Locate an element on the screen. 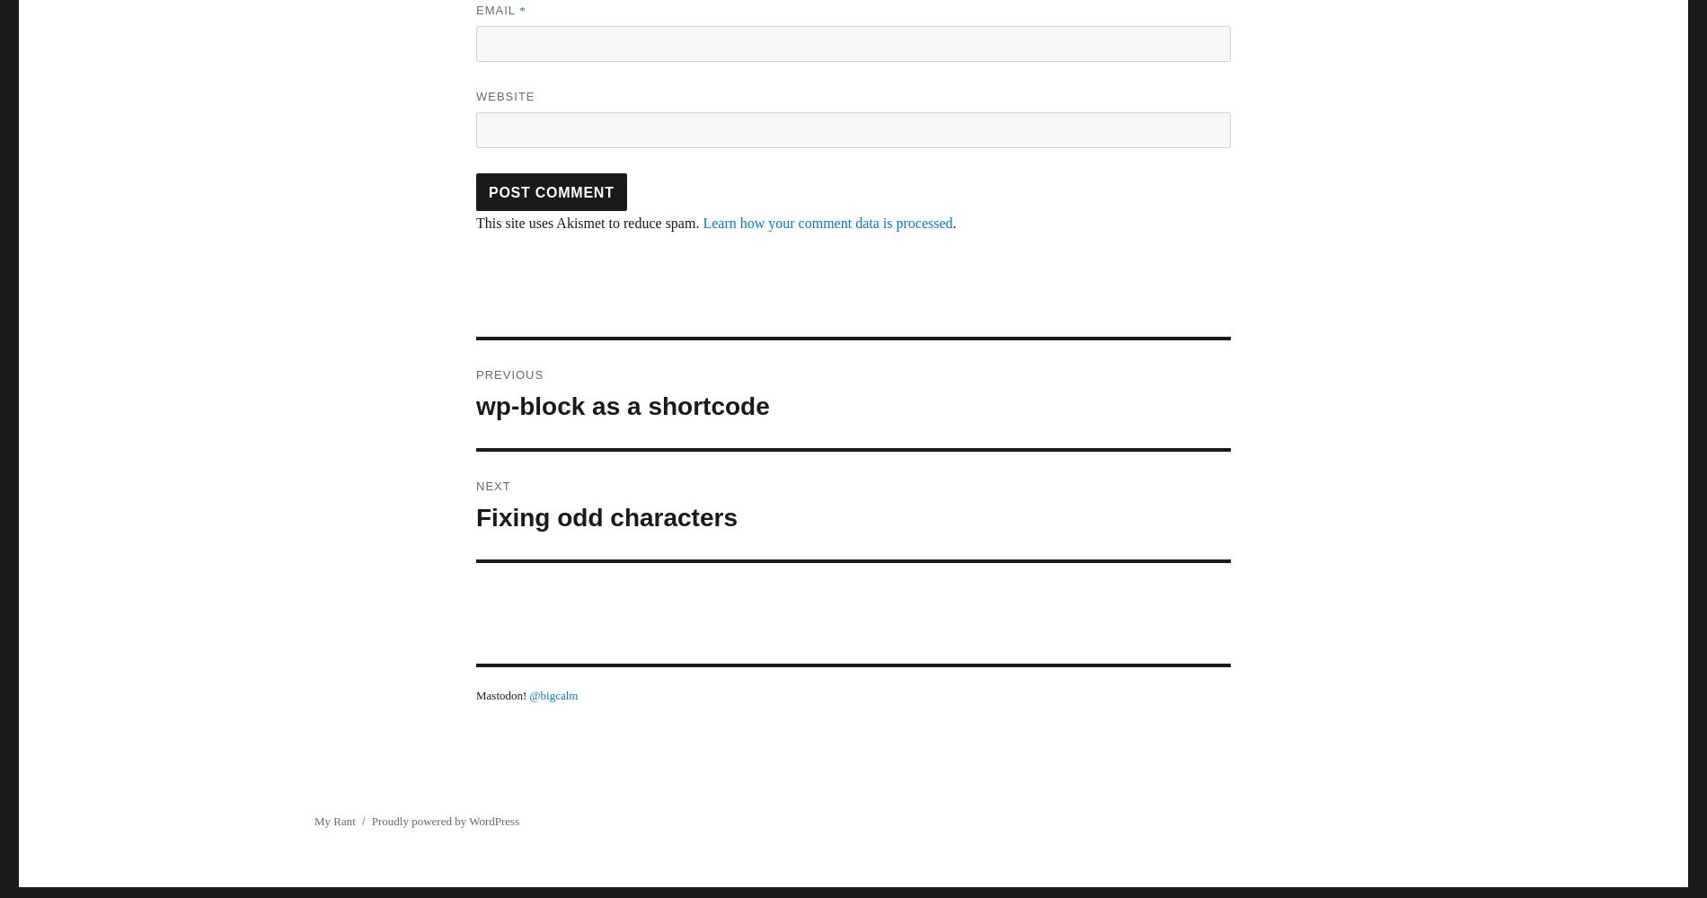  'Proudly powered by WordPress' is located at coordinates (370, 821).